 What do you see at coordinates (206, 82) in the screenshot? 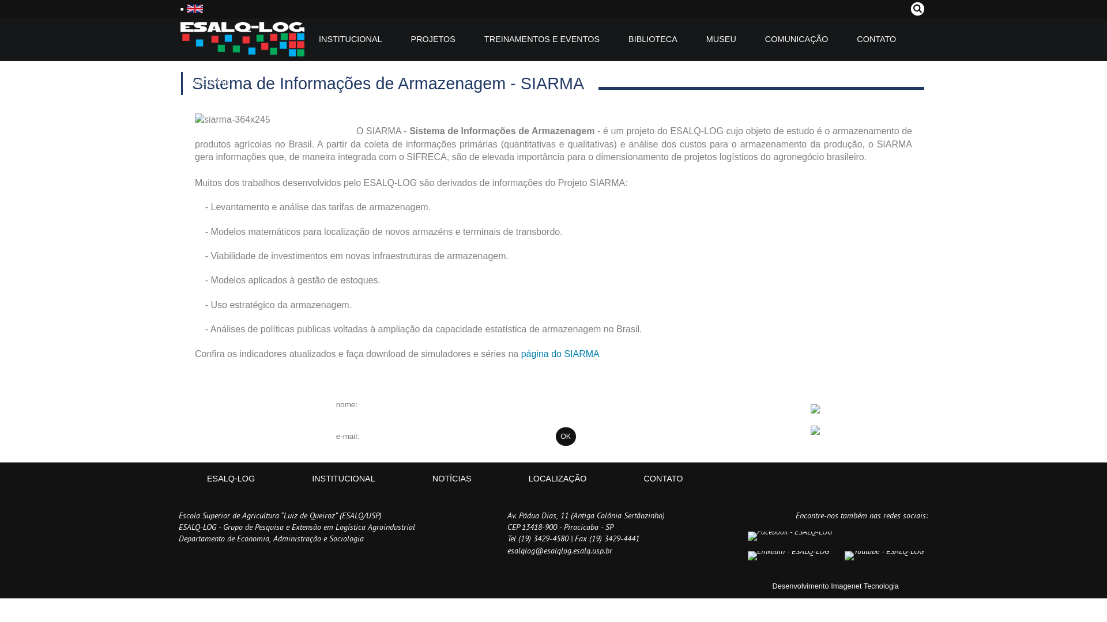
I see `'WEBMAIL'` at bounding box center [206, 82].